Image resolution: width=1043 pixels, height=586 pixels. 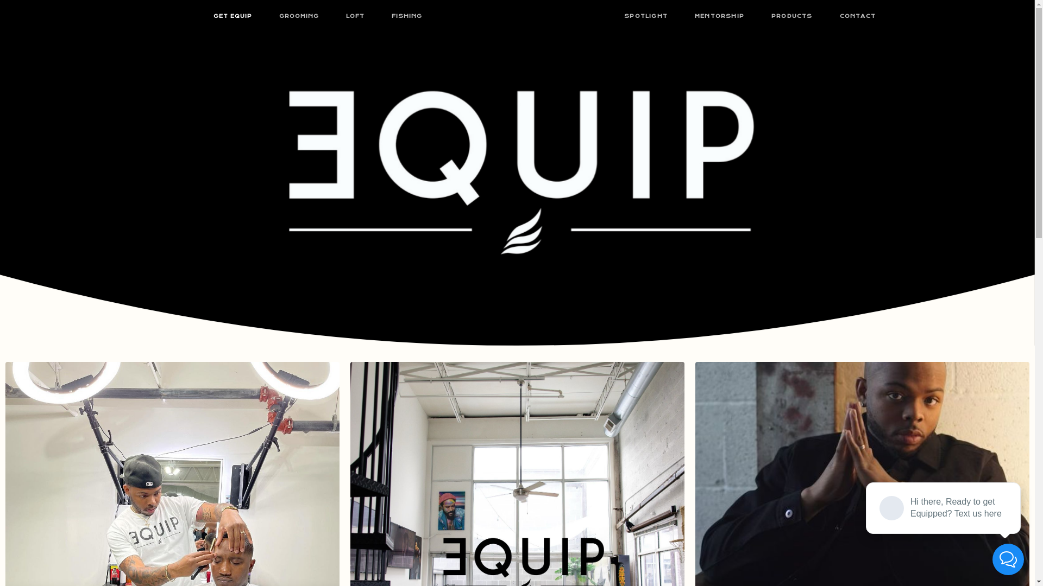 What do you see at coordinates (552, 360) in the screenshot?
I see `'Mentorship'` at bounding box center [552, 360].